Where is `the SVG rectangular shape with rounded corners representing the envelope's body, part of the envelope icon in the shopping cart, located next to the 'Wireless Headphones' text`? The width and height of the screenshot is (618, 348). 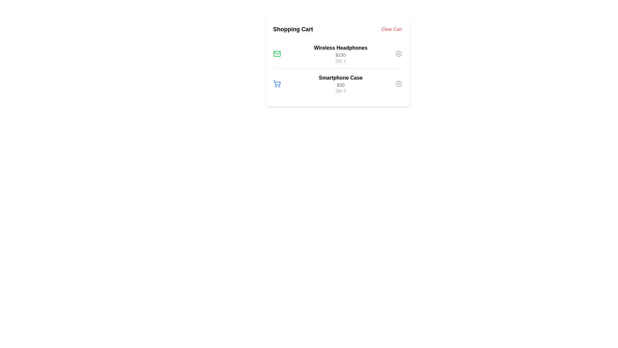 the SVG rectangular shape with rounded corners representing the envelope's body, part of the envelope icon in the shopping cart, located next to the 'Wireless Headphones' text is located at coordinates (277, 53).